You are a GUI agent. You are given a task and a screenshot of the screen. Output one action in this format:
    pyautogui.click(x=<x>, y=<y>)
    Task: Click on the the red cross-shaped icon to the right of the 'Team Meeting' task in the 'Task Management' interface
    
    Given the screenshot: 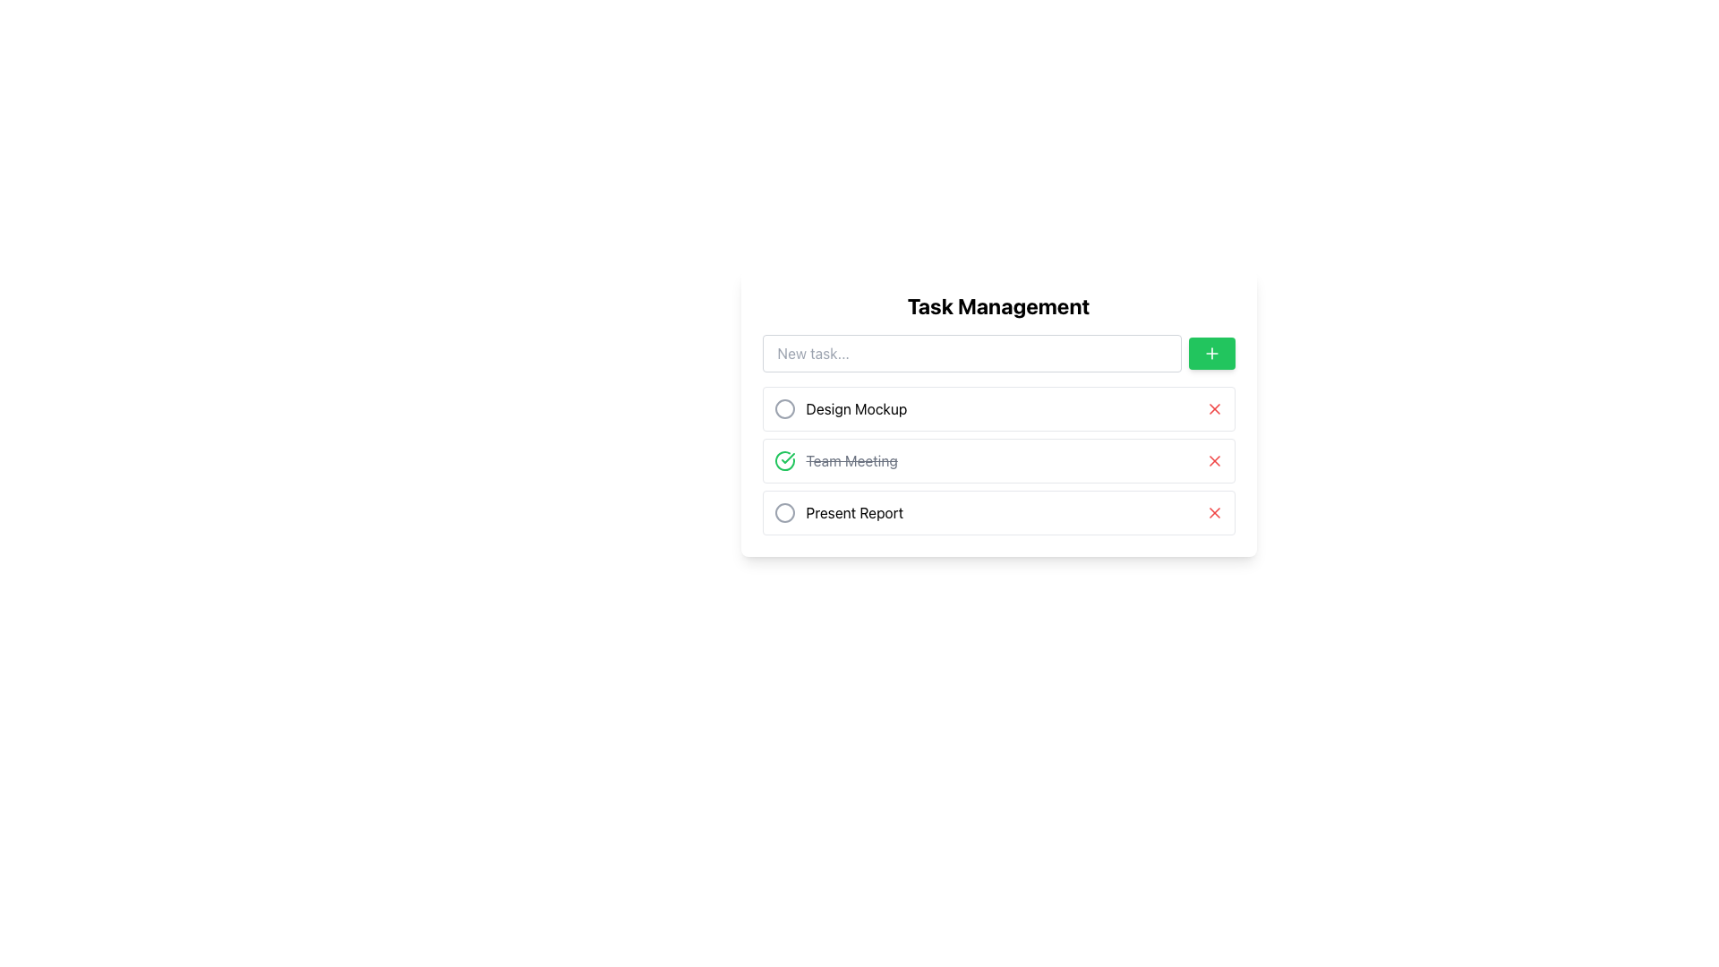 What is the action you would take?
    pyautogui.click(x=1214, y=460)
    